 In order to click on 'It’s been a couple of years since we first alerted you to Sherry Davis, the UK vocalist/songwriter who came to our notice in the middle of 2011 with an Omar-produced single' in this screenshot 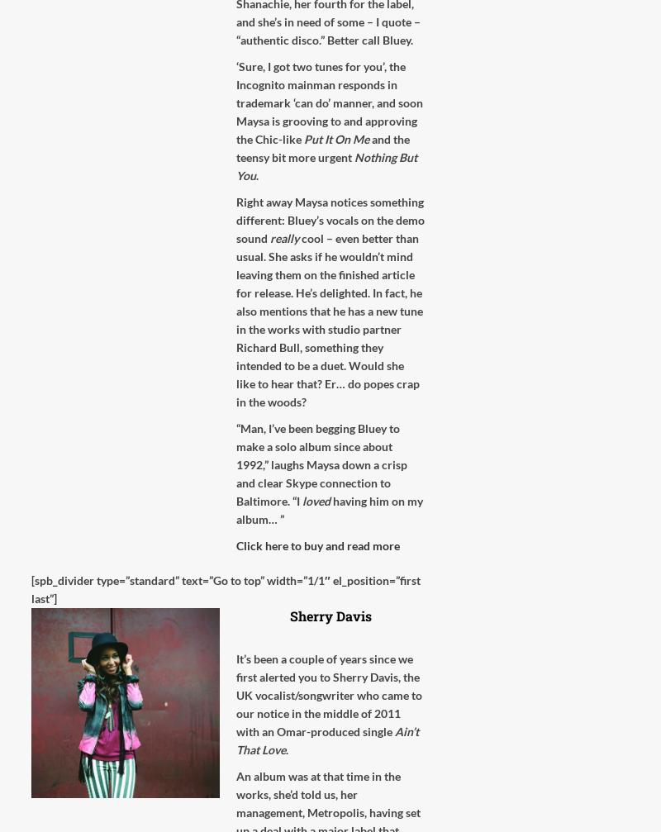, I will do `click(328, 694)`.